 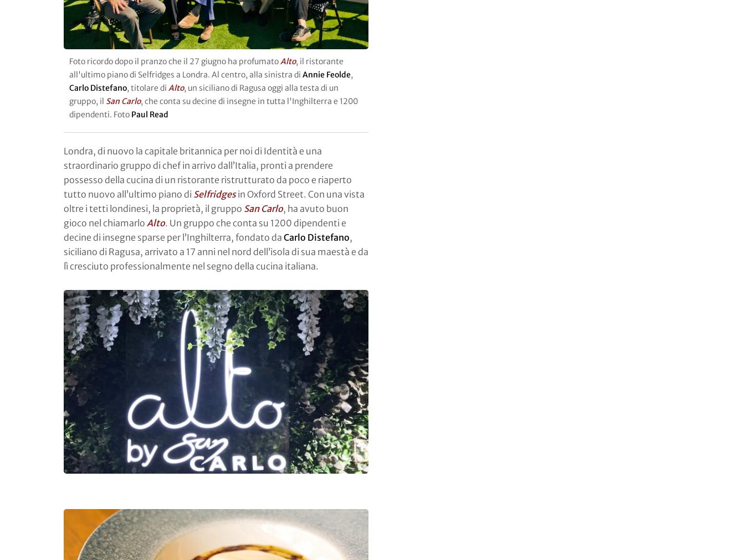 I want to click on 'Identità Web S.r.l. - Corso Magenta, 46 - 20123 Milano - P.I. e C.F. 07845670962', so click(x=234, y=487).